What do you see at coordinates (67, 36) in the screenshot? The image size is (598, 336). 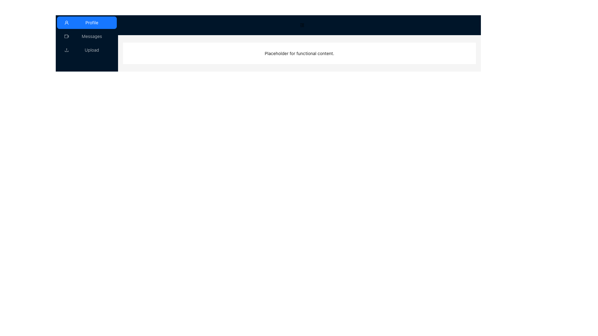 I see `the video camera icon located in the left navigation panel, positioned before the 'Messages' text` at bounding box center [67, 36].